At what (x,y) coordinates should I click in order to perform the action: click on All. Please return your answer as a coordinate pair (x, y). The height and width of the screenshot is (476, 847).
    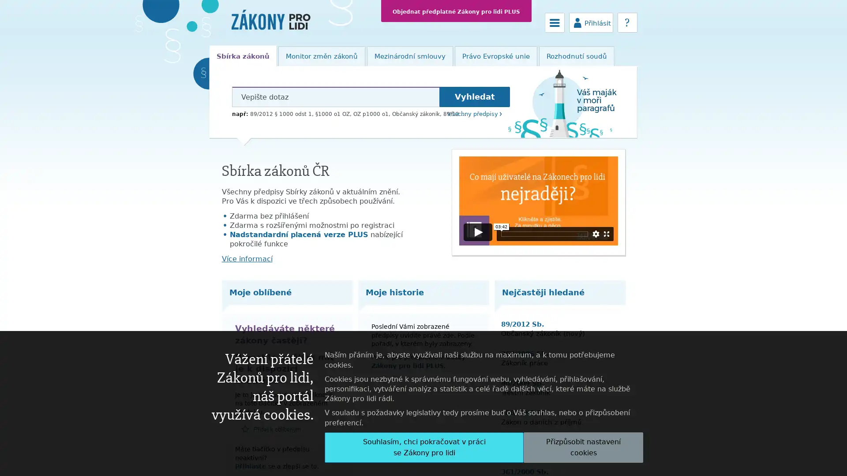
    Looking at the image, I should click on (424, 447).